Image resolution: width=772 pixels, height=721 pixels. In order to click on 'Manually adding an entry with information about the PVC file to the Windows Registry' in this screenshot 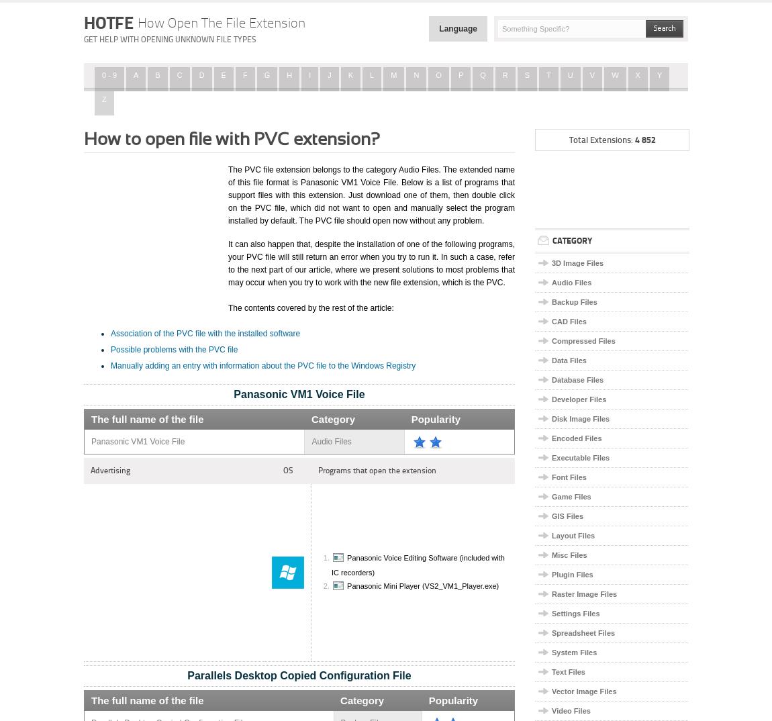, I will do `click(263, 365)`.